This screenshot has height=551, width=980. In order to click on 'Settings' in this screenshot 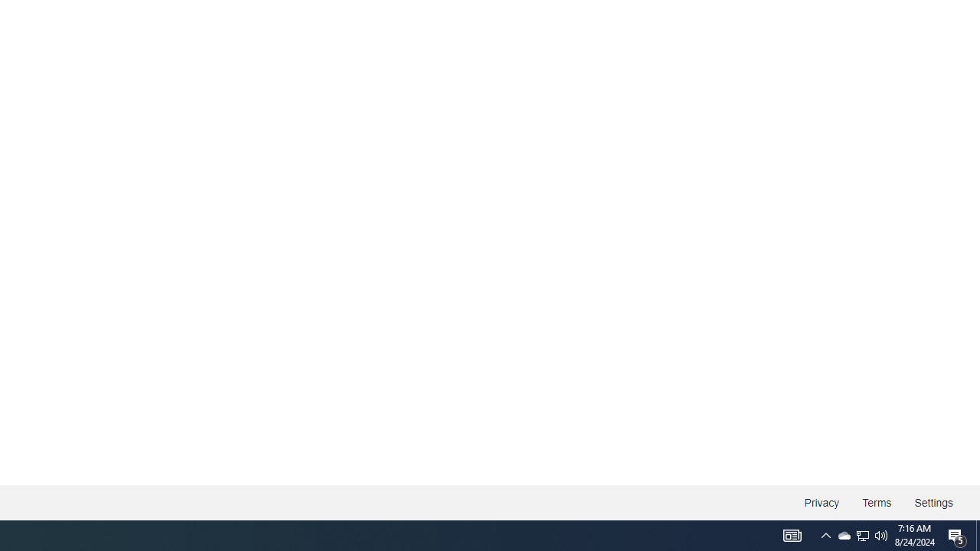, I will do `click(933, 503)`.